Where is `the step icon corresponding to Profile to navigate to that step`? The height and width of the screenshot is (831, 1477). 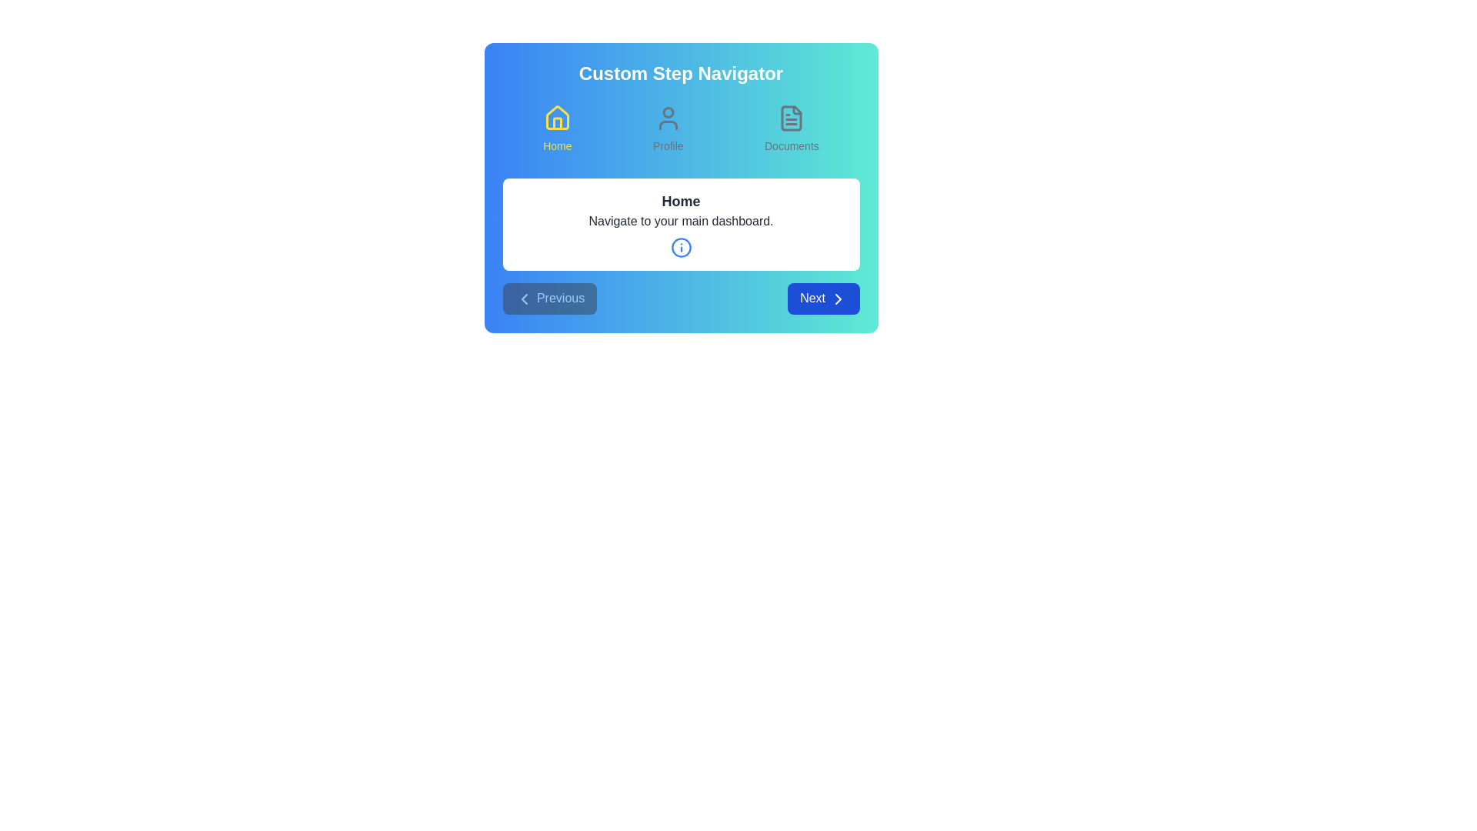 the step icon corresponding to Profile to navigate to that step is located at coordinates (668, 128).